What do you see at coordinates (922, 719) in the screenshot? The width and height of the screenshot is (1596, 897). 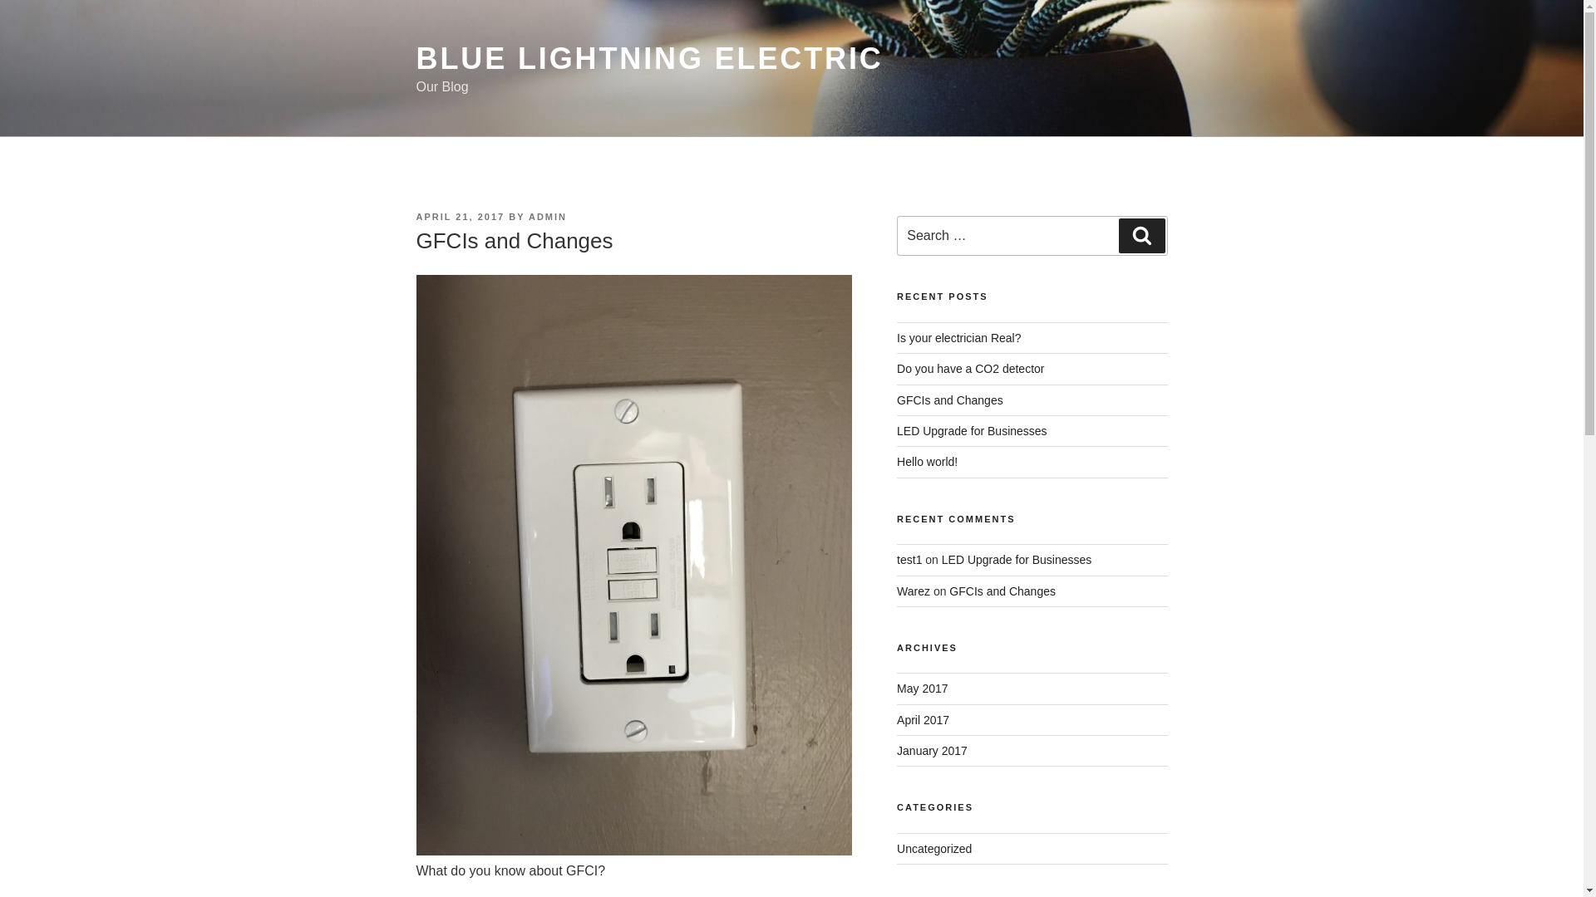 I see `'April 2017'` at bounding box center [922, 719].